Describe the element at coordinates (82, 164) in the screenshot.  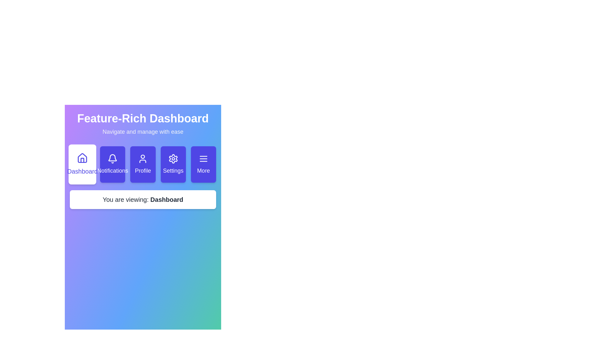
I see `the 'Dashboard' button, which is a rectangular button with a white background and indigo text, located above the descriptive text area and adjacent to the 'Notifications' button` at that location.